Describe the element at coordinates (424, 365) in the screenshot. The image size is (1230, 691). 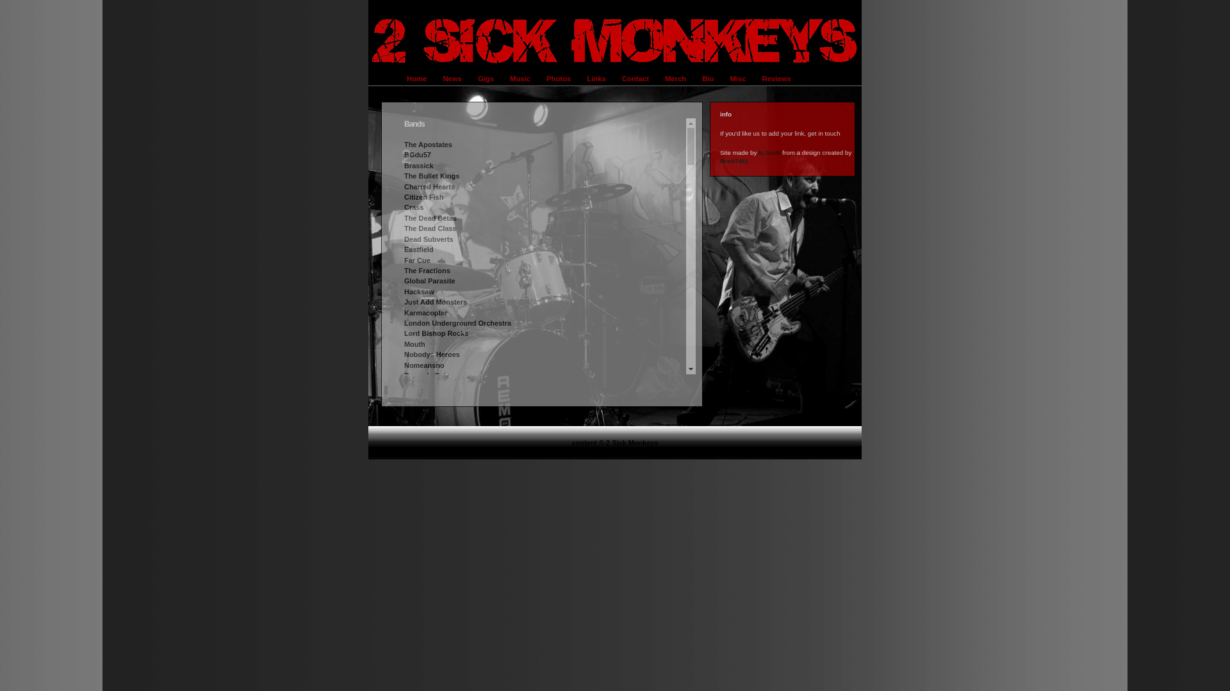
I see `'Nomeansno'` at that location.